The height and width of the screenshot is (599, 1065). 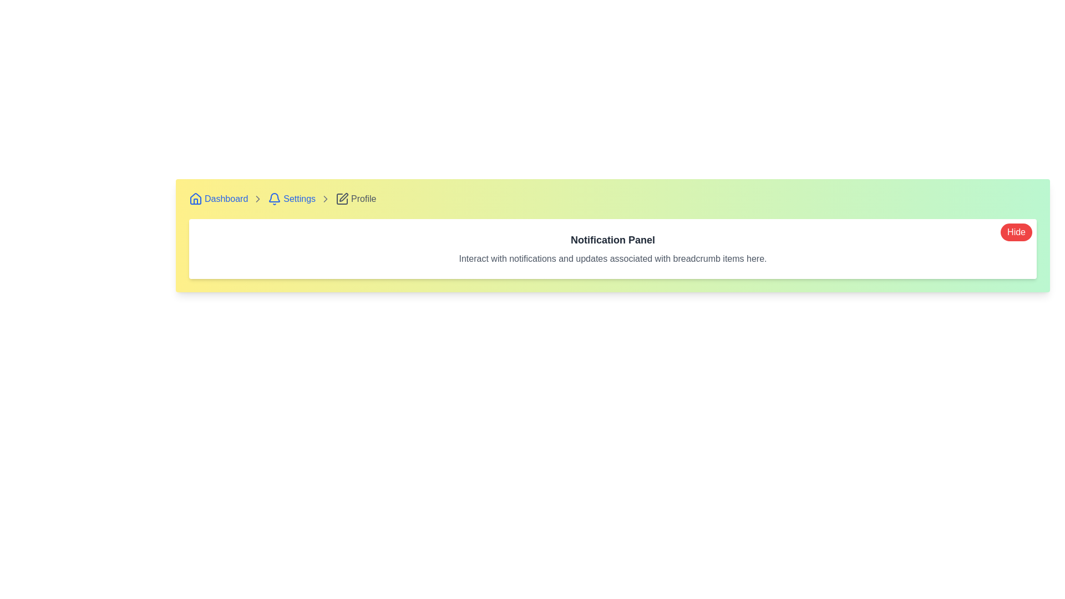 What do you see at coordinates (275, 198) in the screenshot?
I see `the blue bell icon located to the left of the 'Settings' text in the navigation breadcrumb` at bounding box center [275, 198].